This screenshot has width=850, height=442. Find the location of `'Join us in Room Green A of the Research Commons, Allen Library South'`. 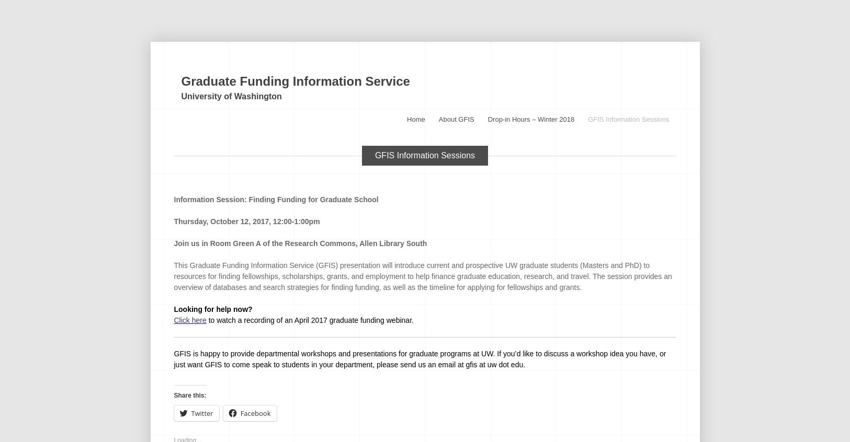

'Join us in Room Green A of the Research Commons, Allen Library South' is located at coordinates (299, 242).